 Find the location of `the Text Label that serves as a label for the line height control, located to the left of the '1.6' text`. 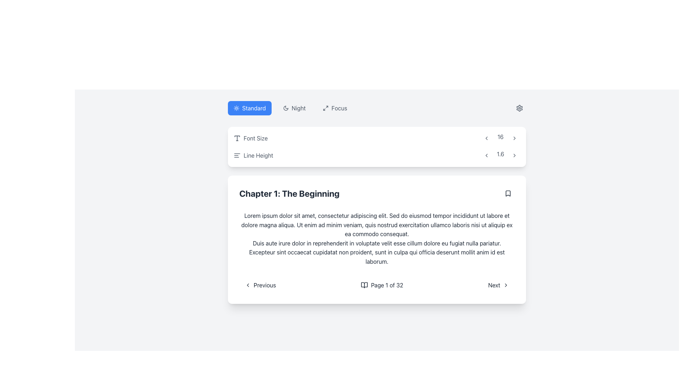

the Text Label that serves as a label for the line height control, located to the left of the '1.6' text is located at coordinates (253, 155).